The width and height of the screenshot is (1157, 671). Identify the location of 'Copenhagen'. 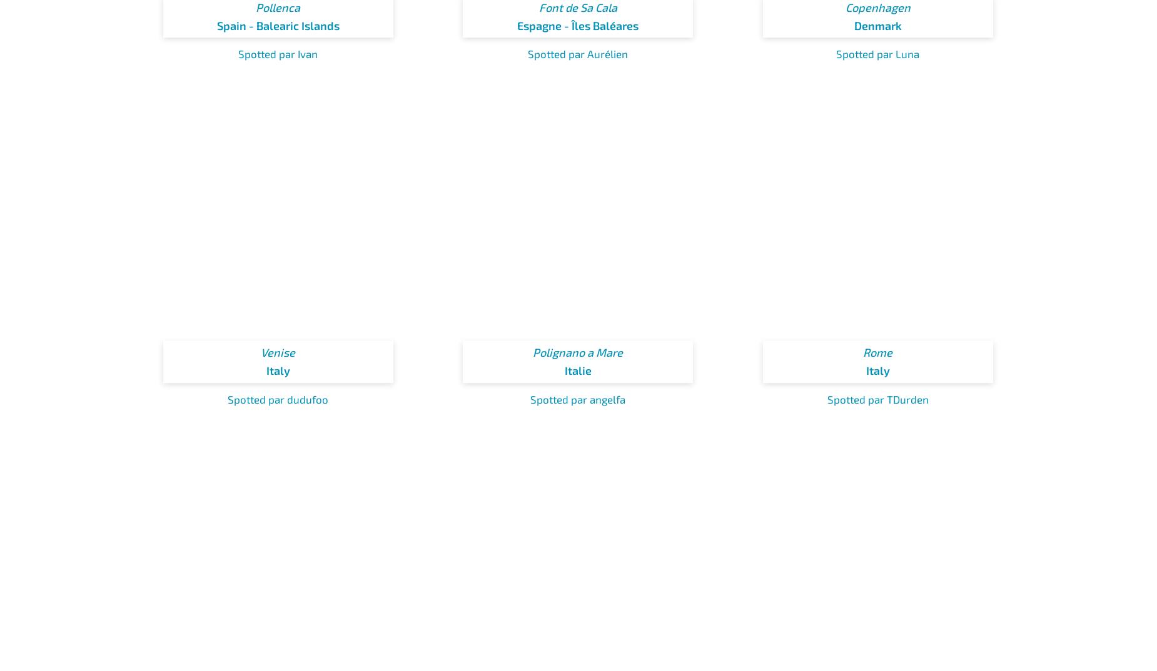
(844, 6).